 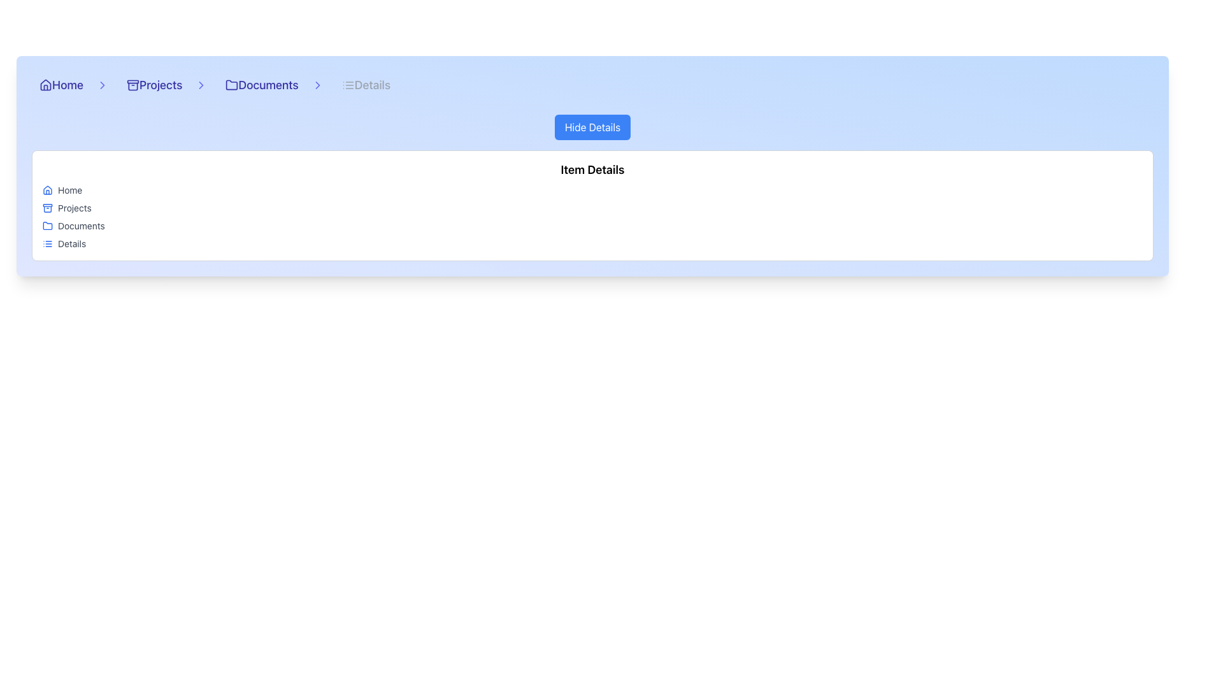 I want to click on text label 'Documents' which is styled in gray and positioned next to a blue folder icon in the vertical list, so click(x=80, y=225).